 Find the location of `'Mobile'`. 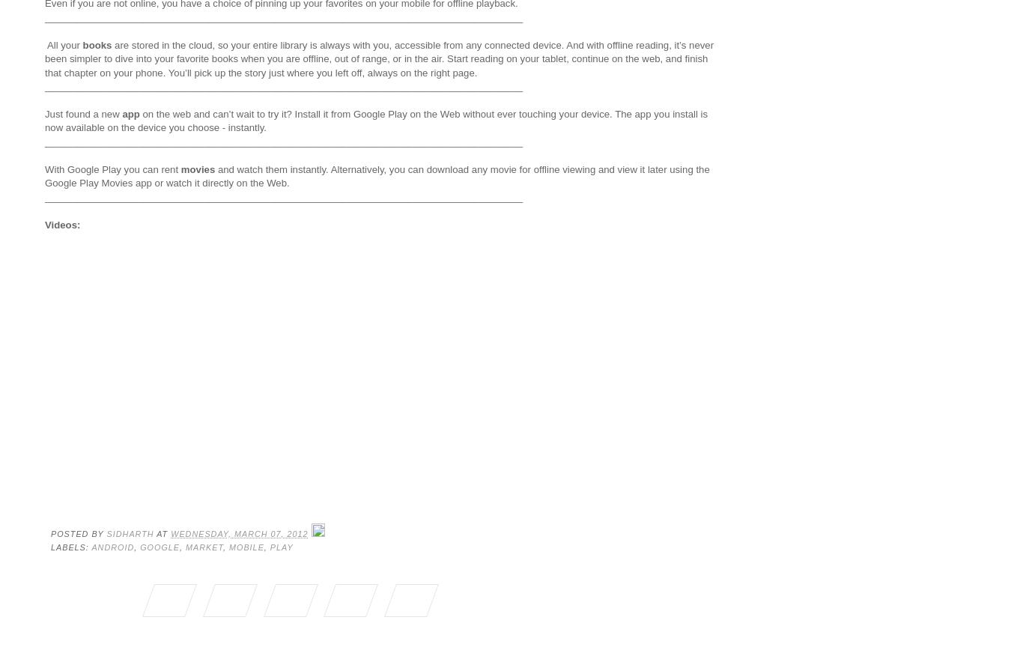

'Mobile' is located at coordinates (245, 546).